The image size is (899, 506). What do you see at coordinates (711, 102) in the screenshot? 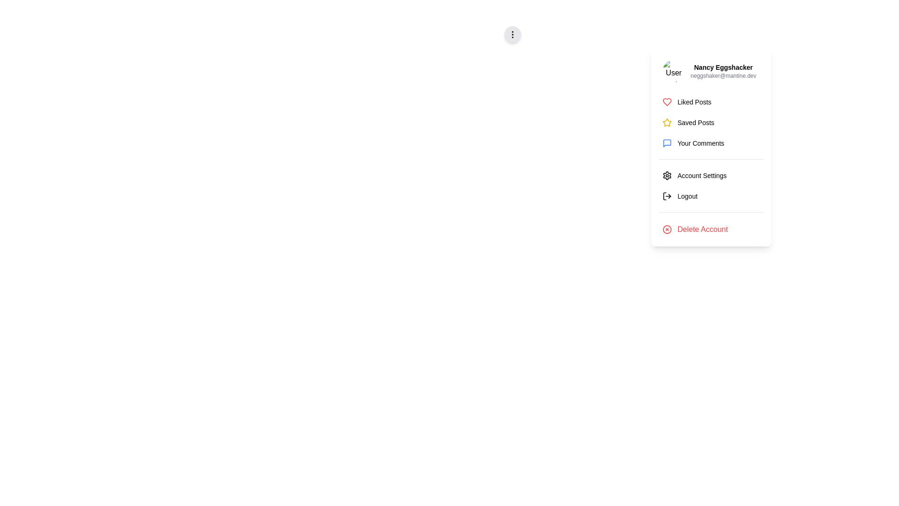
I see `the 'Liked Posts' menu item in the navigation menu` at bounding box center [711, 102].